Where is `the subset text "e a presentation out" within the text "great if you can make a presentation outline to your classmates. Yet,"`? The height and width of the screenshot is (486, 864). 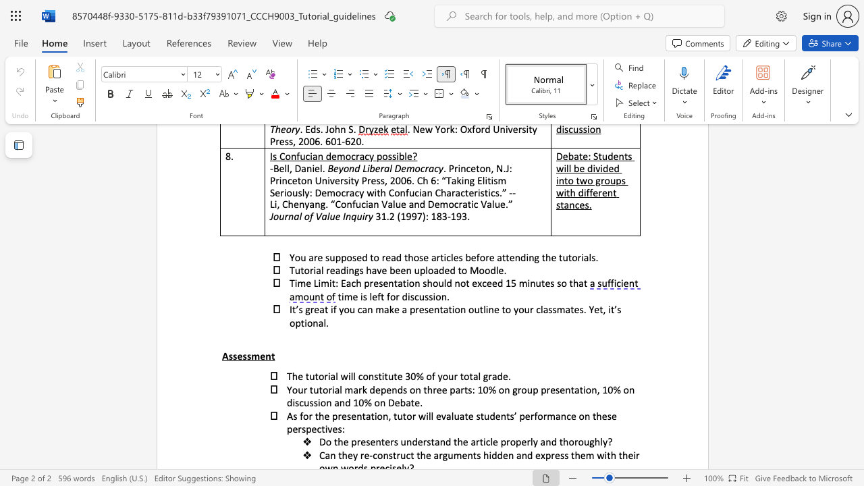
the subset text "e a presentation out" within the text "great if you can make a presentation outline to your classmates. Yet," is located at coordinates (394, 309).